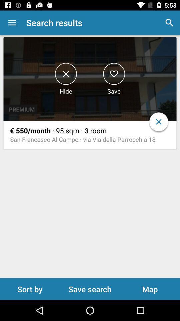  What do you see at coordinates (30, 289) in the screenshot?
I see `item below the san francesco al icon` at bounding box center [30, 289].